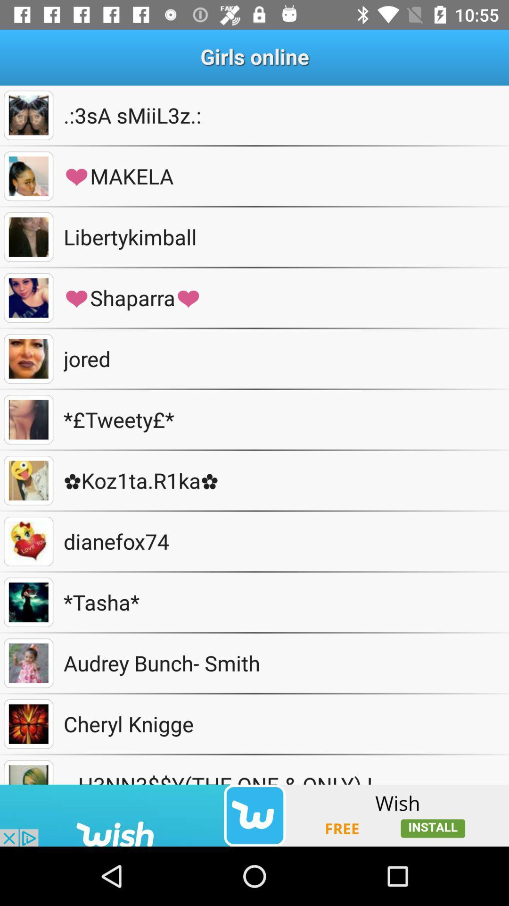 This screenshot has width=509, height=906. Describe the element at coordinates (28, 176) in the screenshot. I see `whats app page` at that location.